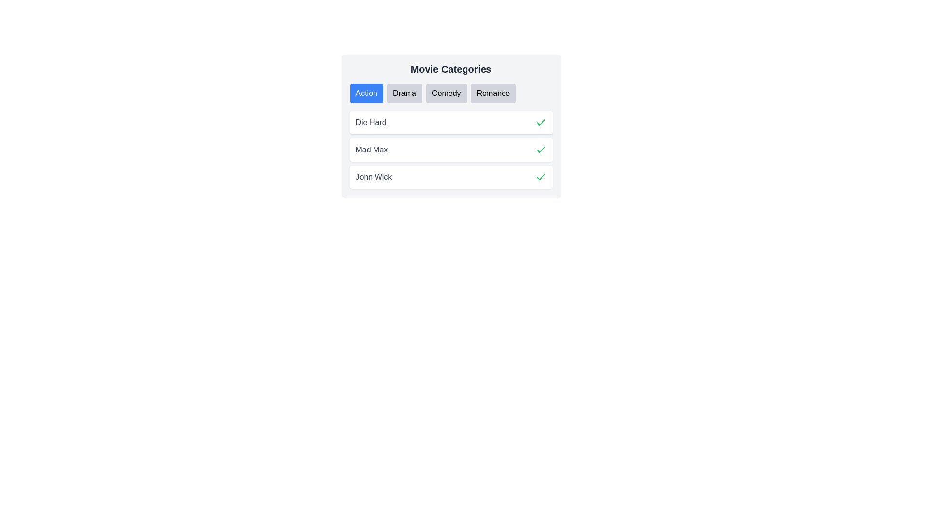 The height and width of the screenshot is (526, 935). What do you see at coordinates (493, 94) in the screenshot?
I see `the 'Romance' button, which is a rectangular button with rounded corners, styled with a light gray background and black text, located in the horizontal list of movie categories` at bounding box center [493, 94].